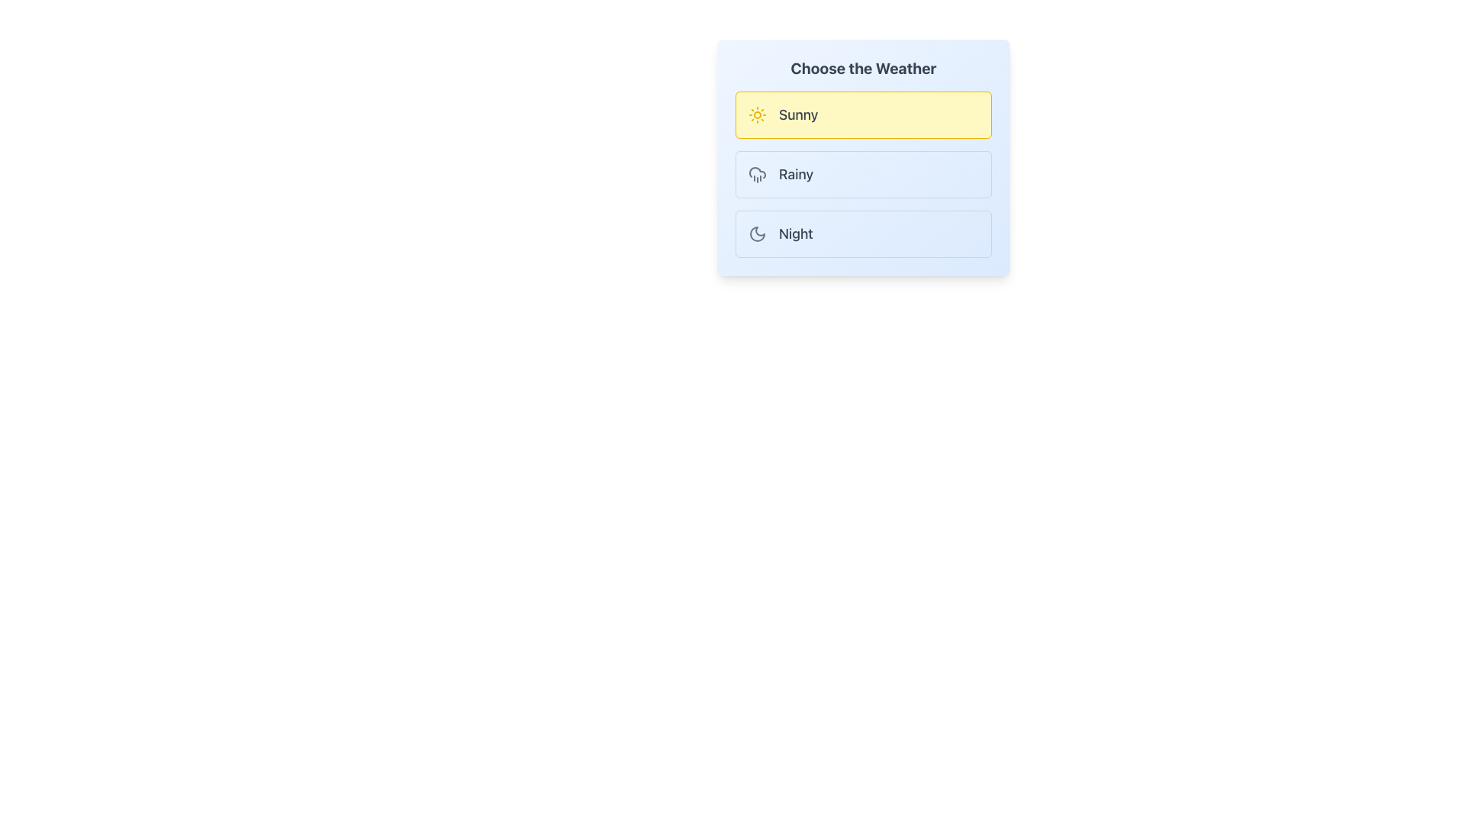  Describe the element at coordinates (795, 234) in the screenshot. I see `the 'Night' text label in the weather selection interface, which is located next to a crescent moon icon in the third option of a vertical list` at that location.